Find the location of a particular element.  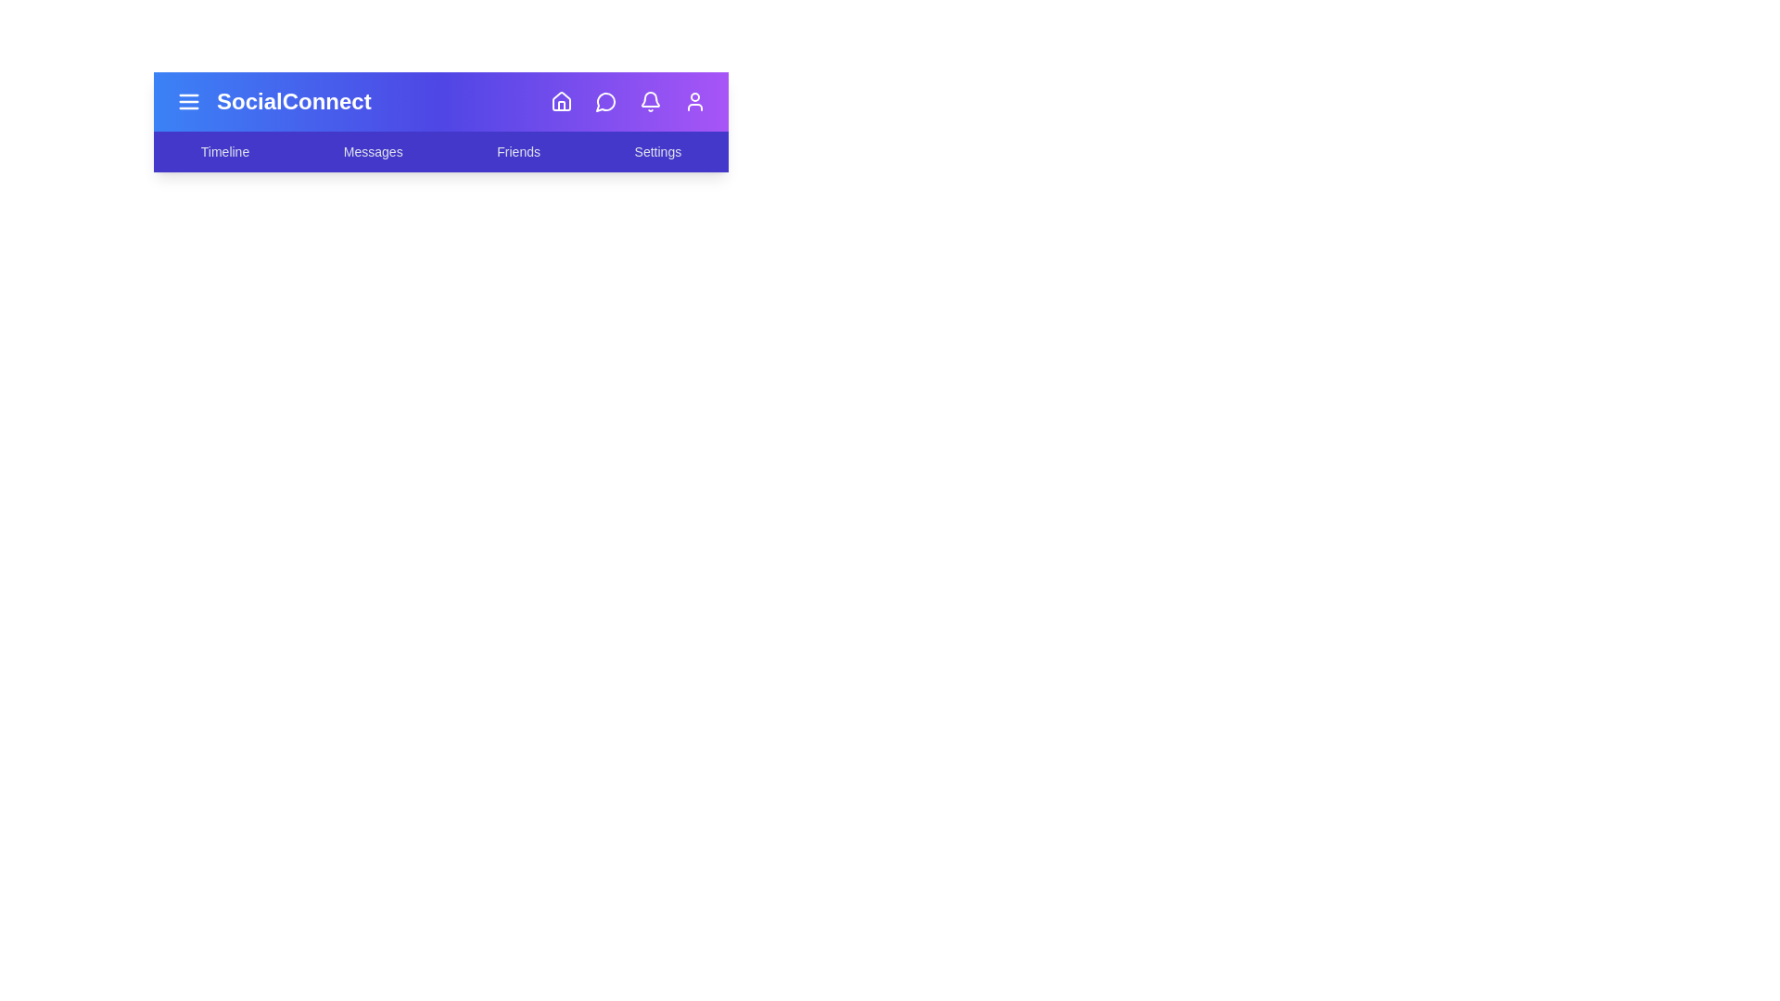

the menu item Timeline is located at coordinates (224, 151).